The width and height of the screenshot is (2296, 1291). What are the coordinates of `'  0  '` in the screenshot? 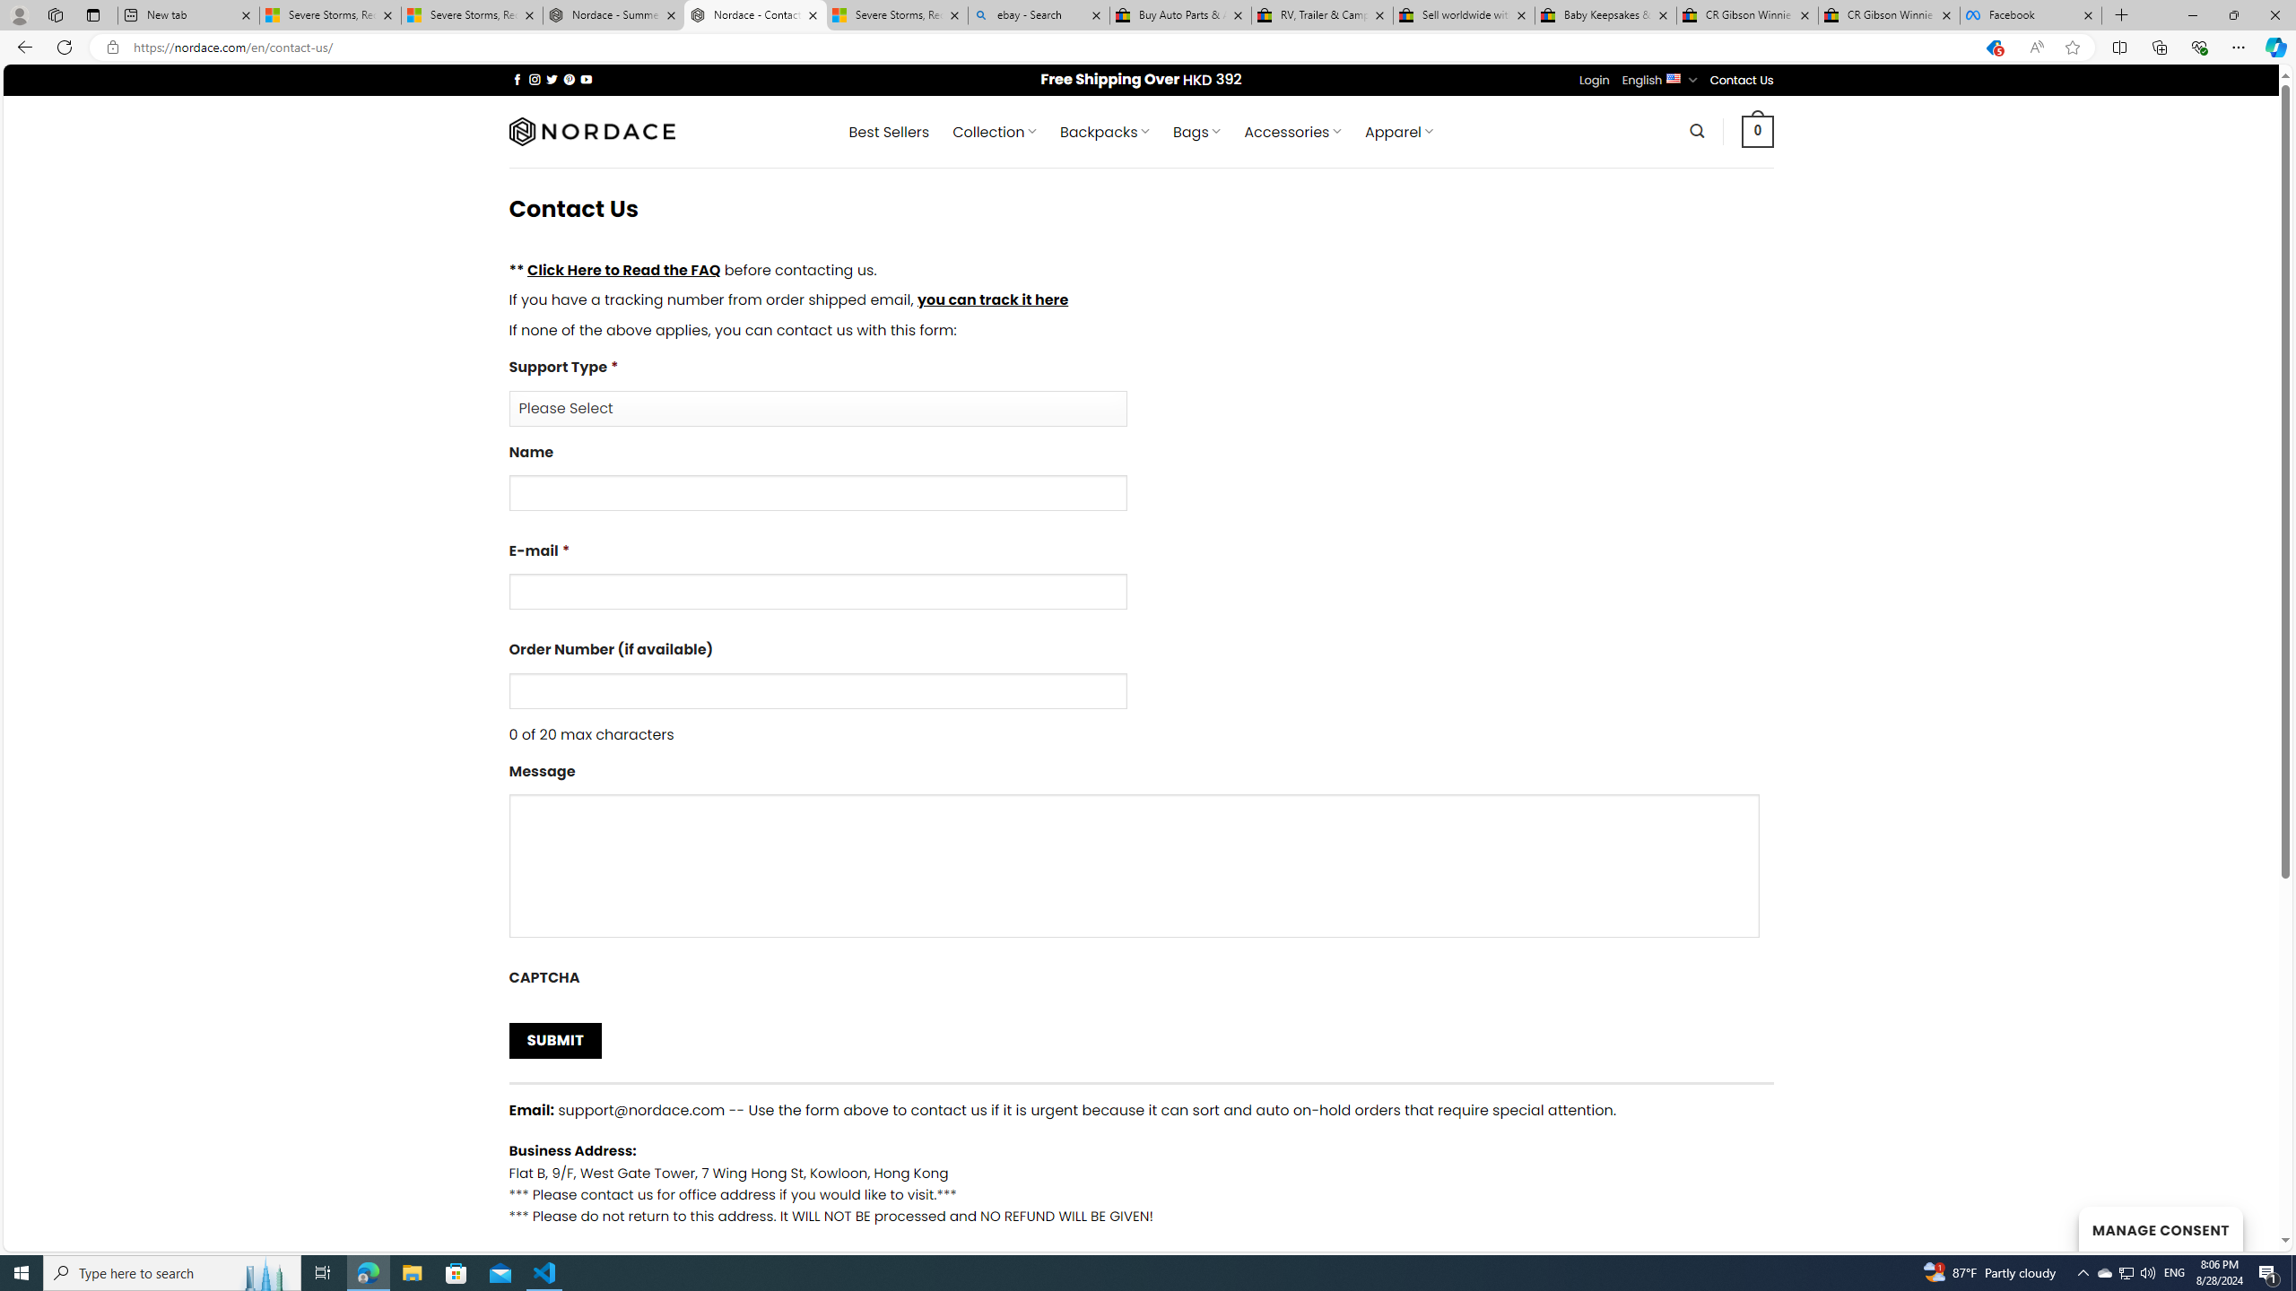 It's located at (1758, 130).